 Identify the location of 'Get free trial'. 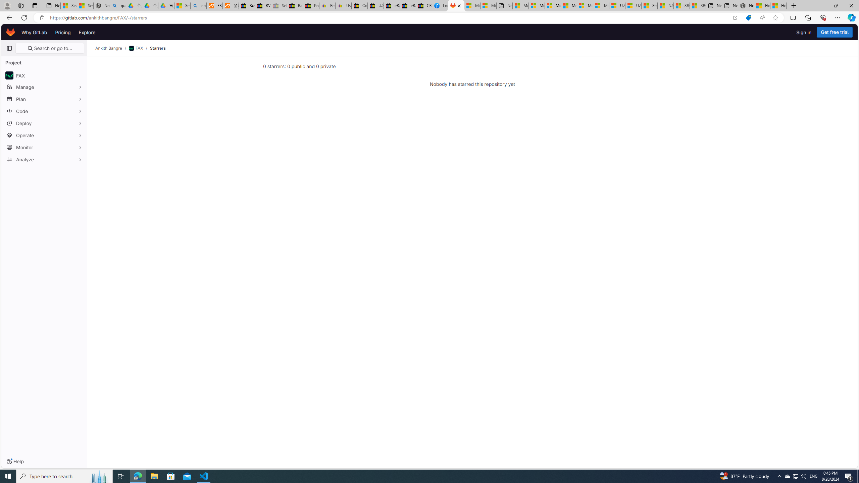
(835, 32).